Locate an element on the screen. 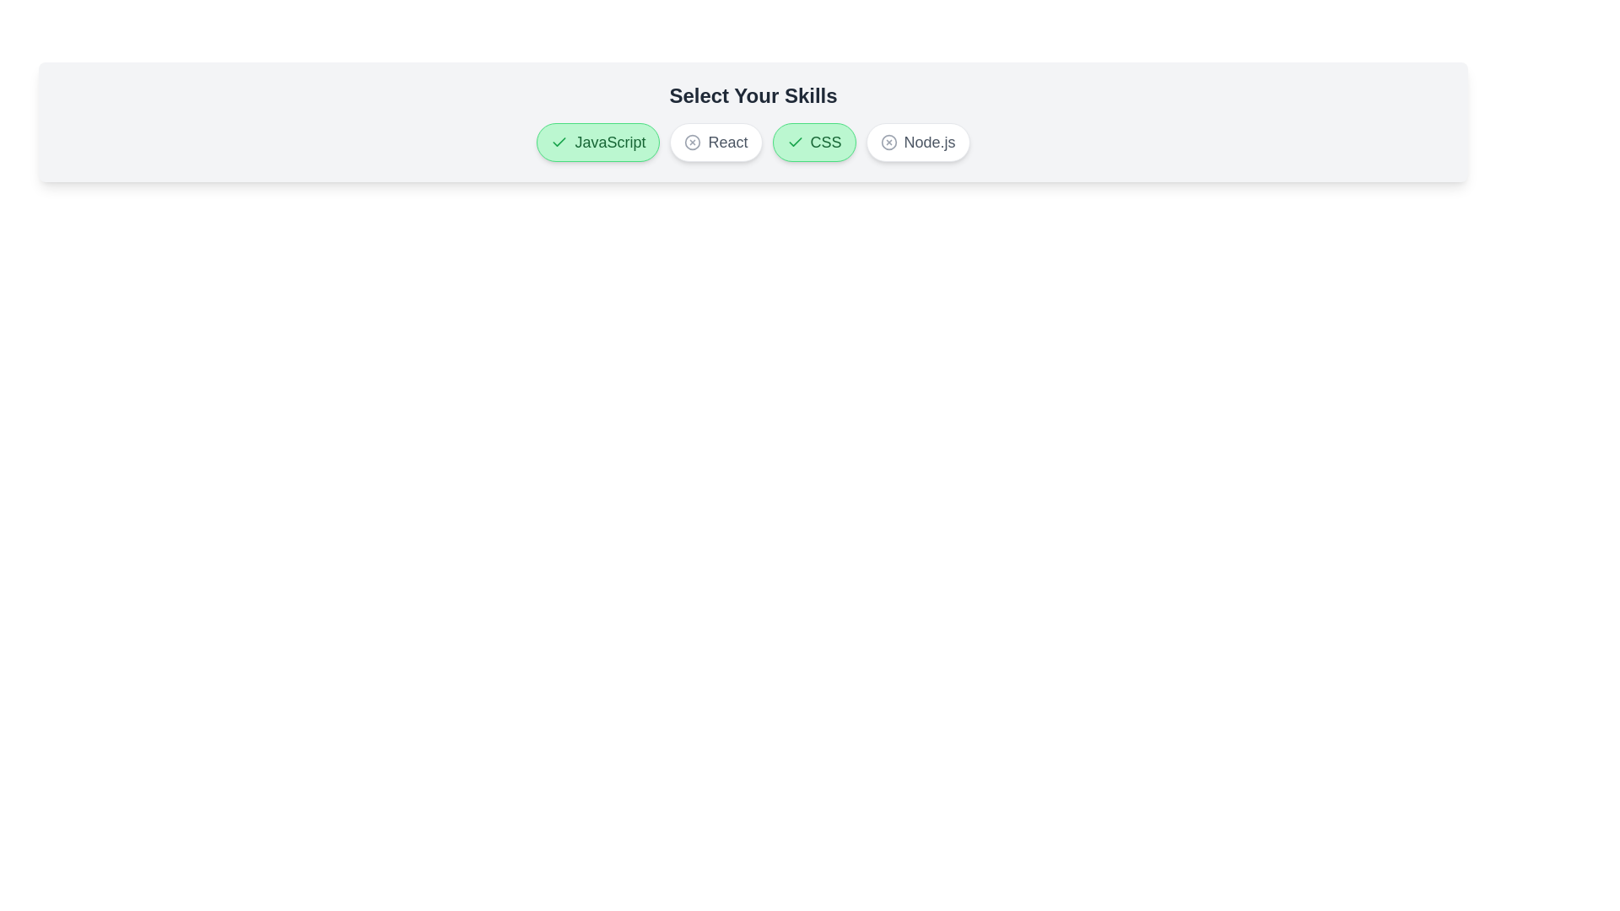 This screenshot has height=911, width=1620. the button labeled Node.js to observe its hover effect is located at coordinates (917, 142).